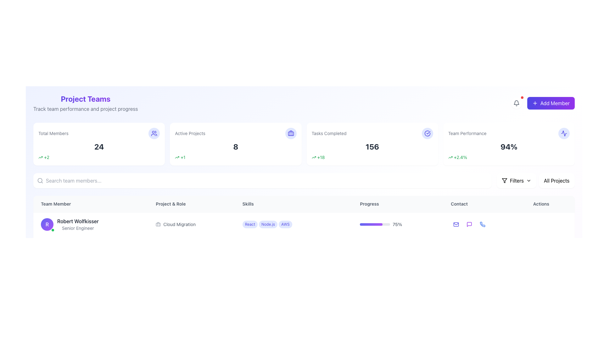  What do you see at coordinates (469, 224) in the screenshot?
I see `the small, purple-bordered speech bubble icon located in the 'Contact' section of the first row of the table` at bounding box center [469, 224].